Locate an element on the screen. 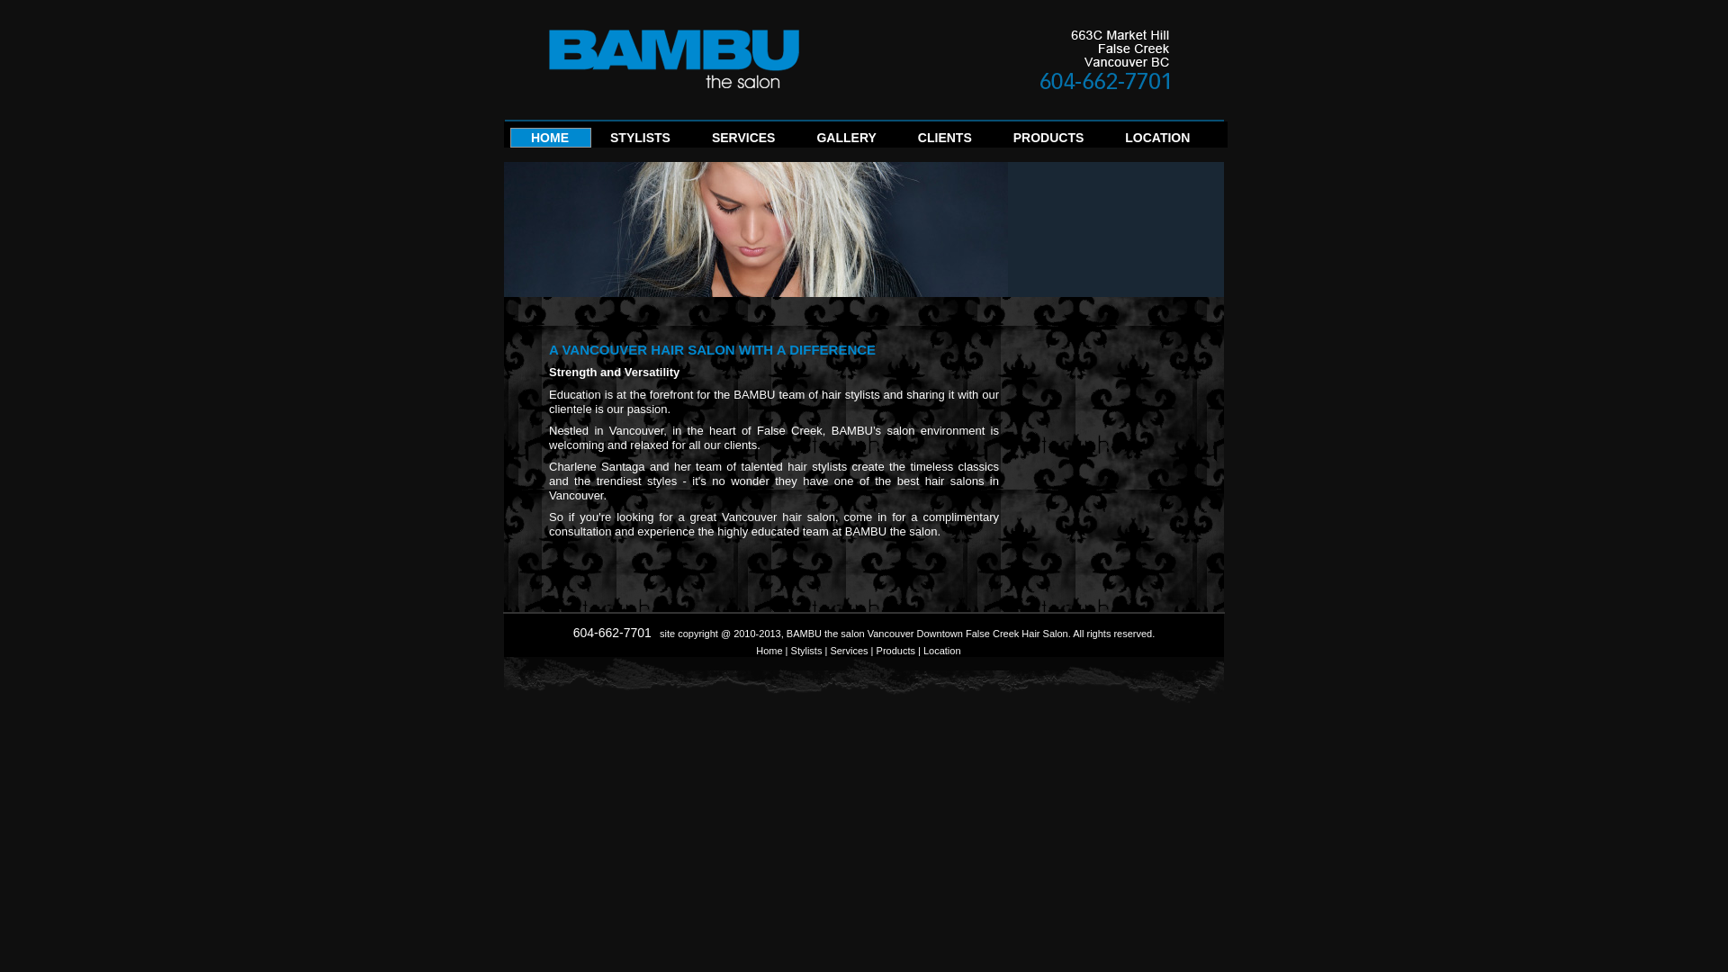  'Vancouver Downtown False Creek Hair Salon' is located at coordinates (967, 633).